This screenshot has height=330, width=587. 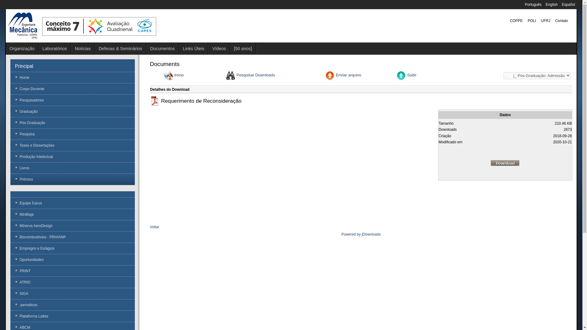 What do you see at coordinates (516, 20) in the screenshot?
I see `'COPPE'` at bounding box center [516, 20].